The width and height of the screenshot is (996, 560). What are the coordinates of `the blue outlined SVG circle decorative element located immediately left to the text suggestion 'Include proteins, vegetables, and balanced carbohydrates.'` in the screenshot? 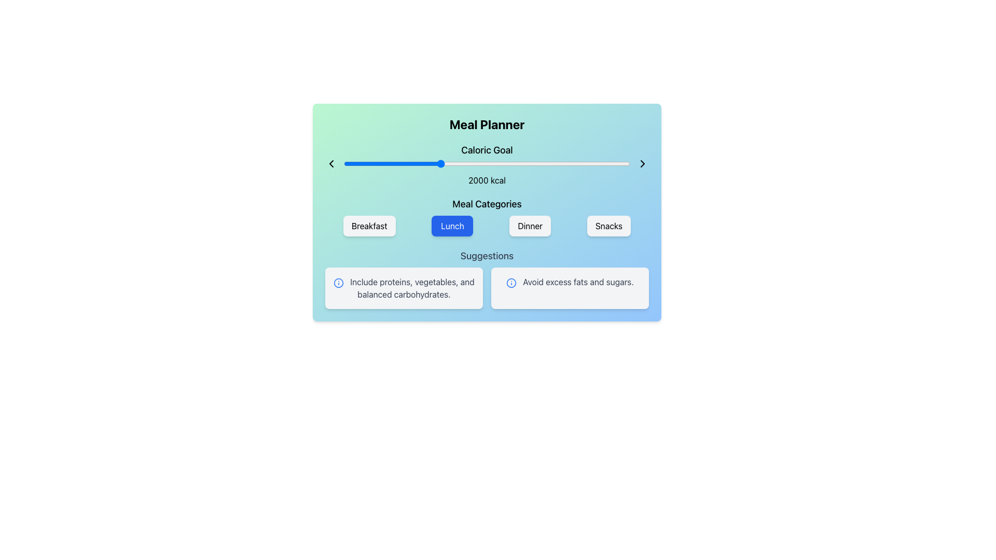 It's located at (511, 283).